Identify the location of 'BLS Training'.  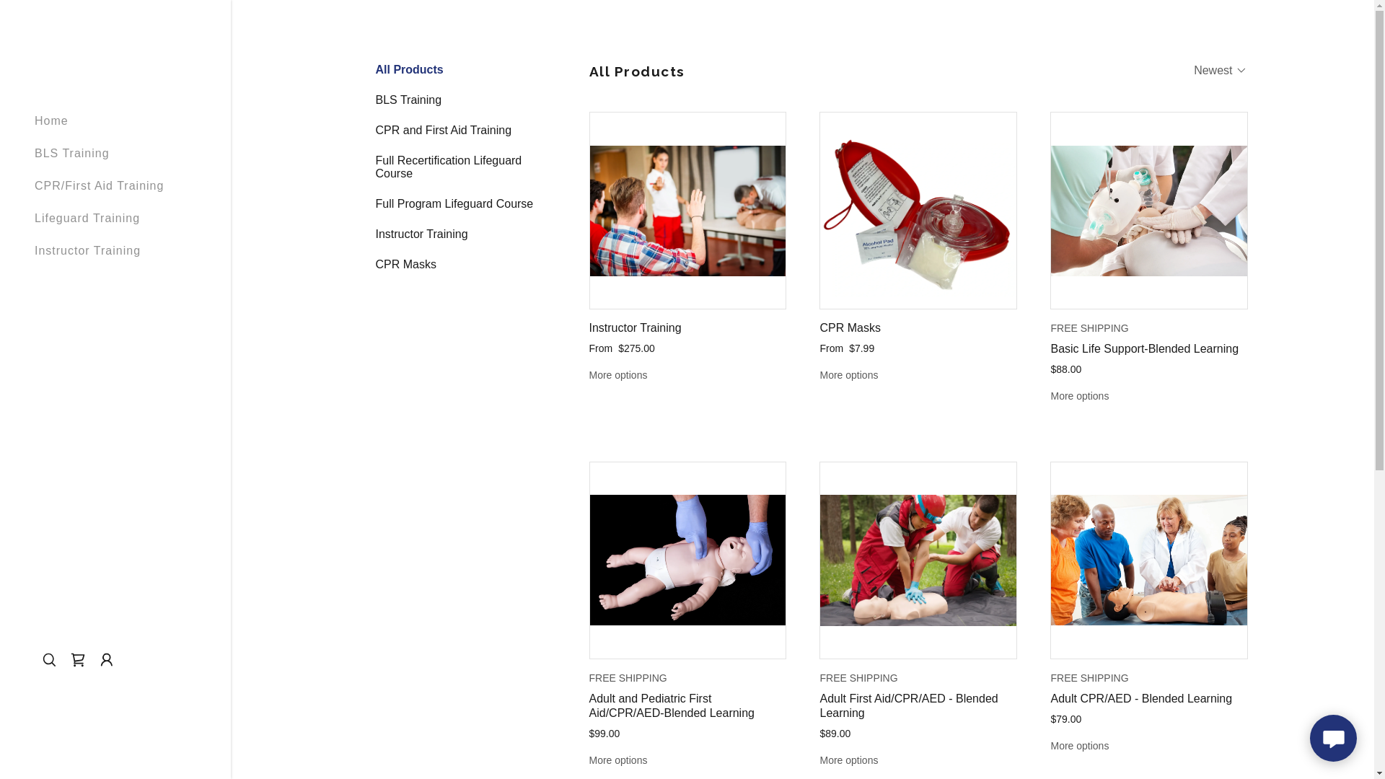
(71, 153).